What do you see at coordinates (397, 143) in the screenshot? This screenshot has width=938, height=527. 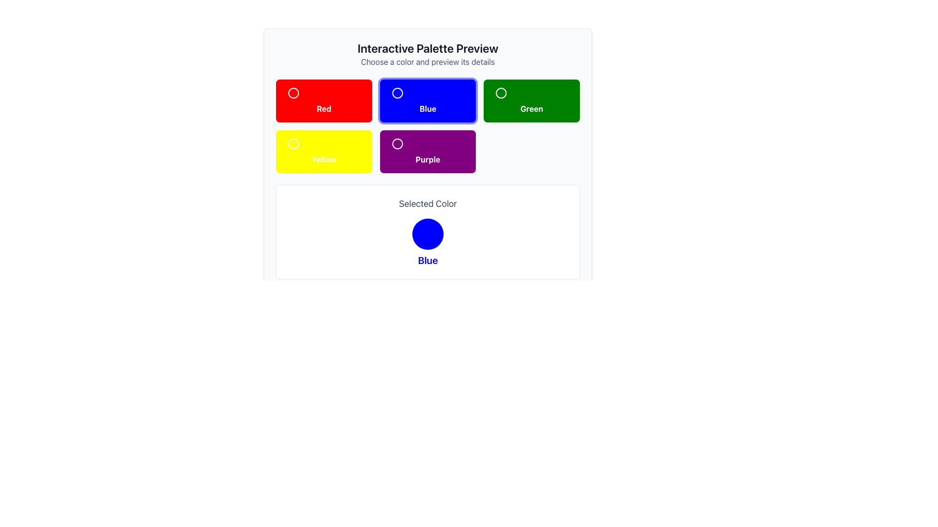 I see `the circle located at the center of the purple rectangle` at bounding box center [397, 143].